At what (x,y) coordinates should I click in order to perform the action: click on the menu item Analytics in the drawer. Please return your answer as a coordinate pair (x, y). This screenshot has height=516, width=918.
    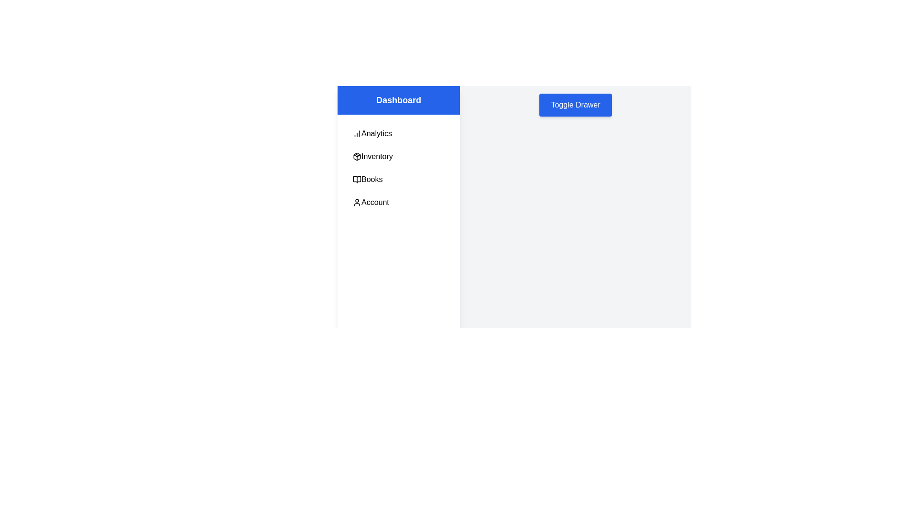
    Looking at the image, I should click on (399, 134).